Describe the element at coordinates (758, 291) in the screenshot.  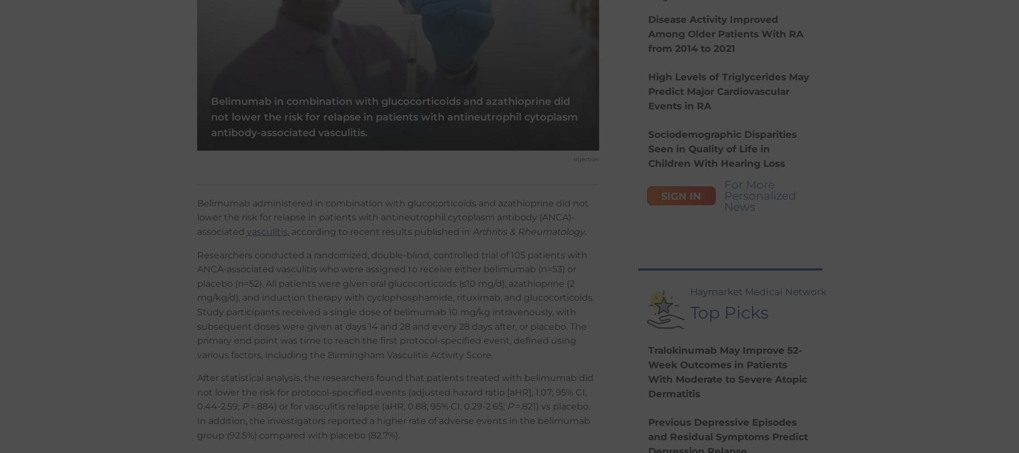
I see `'Haymarket Medical Network'` at that location.